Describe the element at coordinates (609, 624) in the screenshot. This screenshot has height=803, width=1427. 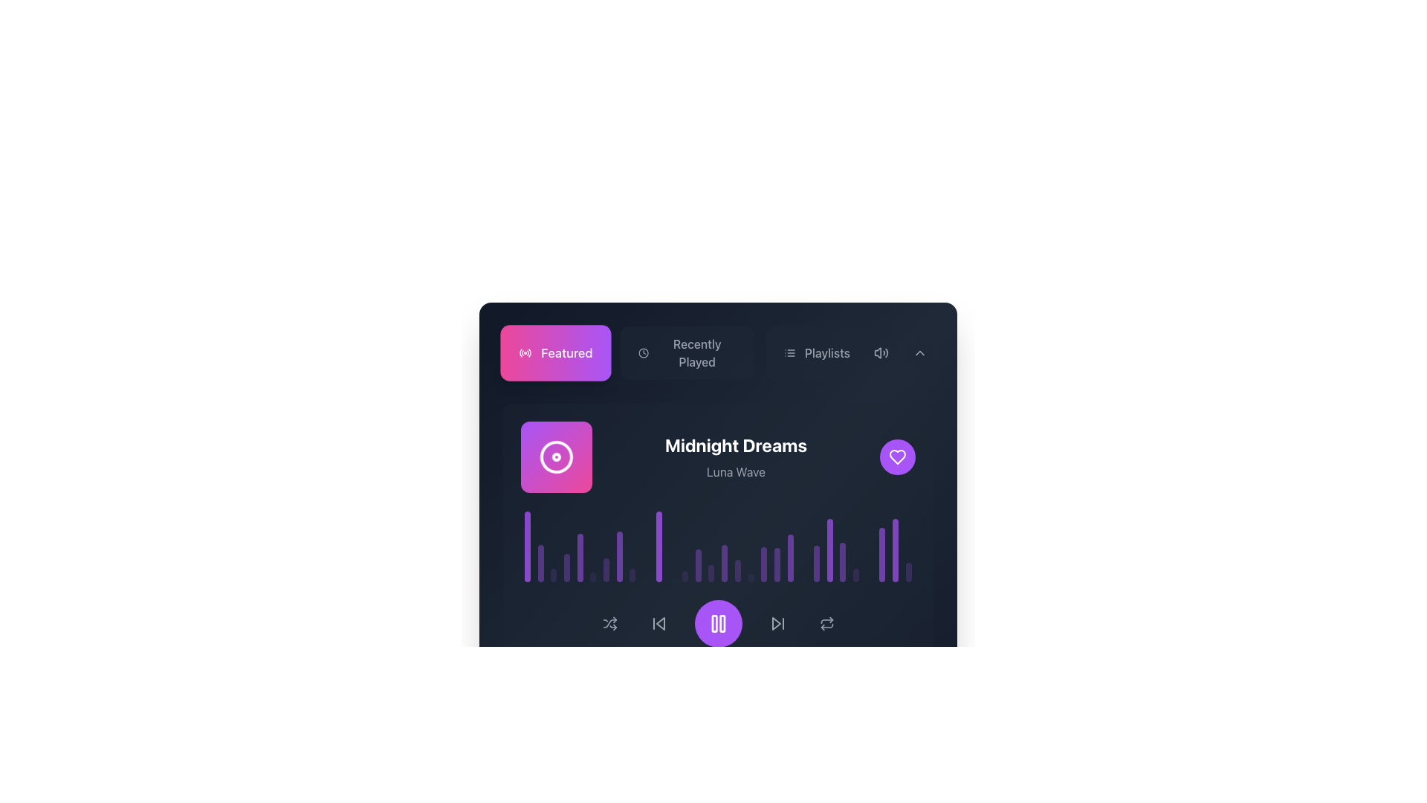
I see `the shuffle button located at the bottom center of the interface` at that location.